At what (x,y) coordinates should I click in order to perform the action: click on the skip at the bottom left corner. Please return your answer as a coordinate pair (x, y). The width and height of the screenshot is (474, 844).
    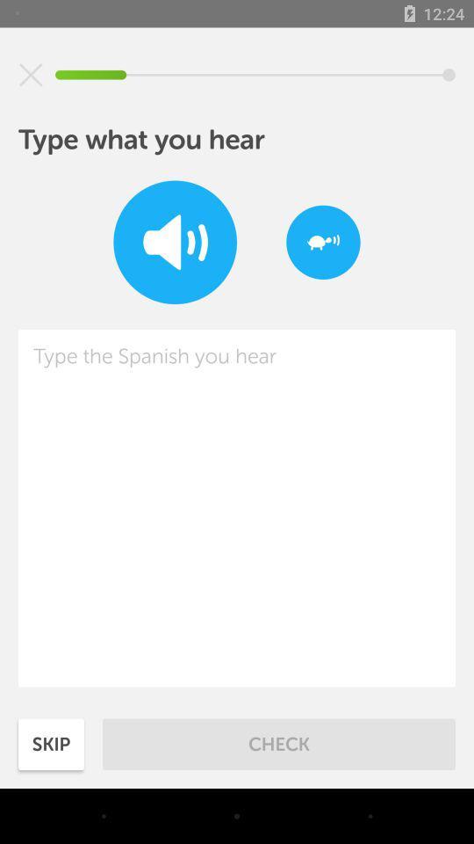
    Looking at the image, I should click on (51, 743).